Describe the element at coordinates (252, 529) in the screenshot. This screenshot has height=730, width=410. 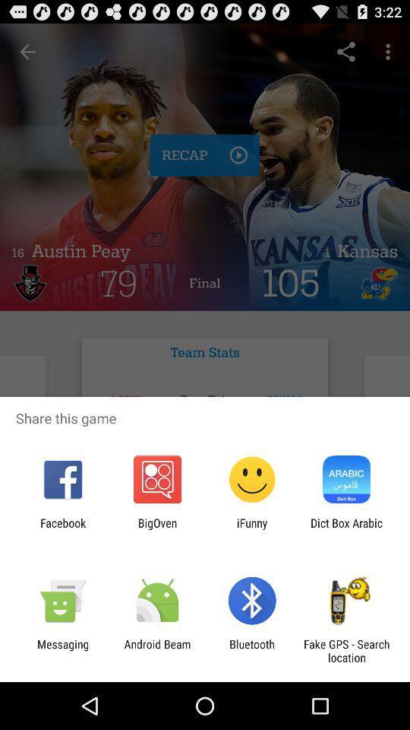
I see `app to the right of bigoven item` at that location.